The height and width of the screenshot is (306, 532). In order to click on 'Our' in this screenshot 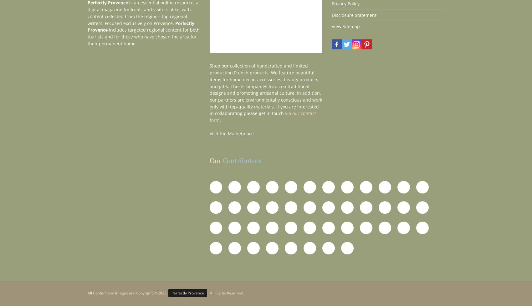, I will do `click(209, 160)`.